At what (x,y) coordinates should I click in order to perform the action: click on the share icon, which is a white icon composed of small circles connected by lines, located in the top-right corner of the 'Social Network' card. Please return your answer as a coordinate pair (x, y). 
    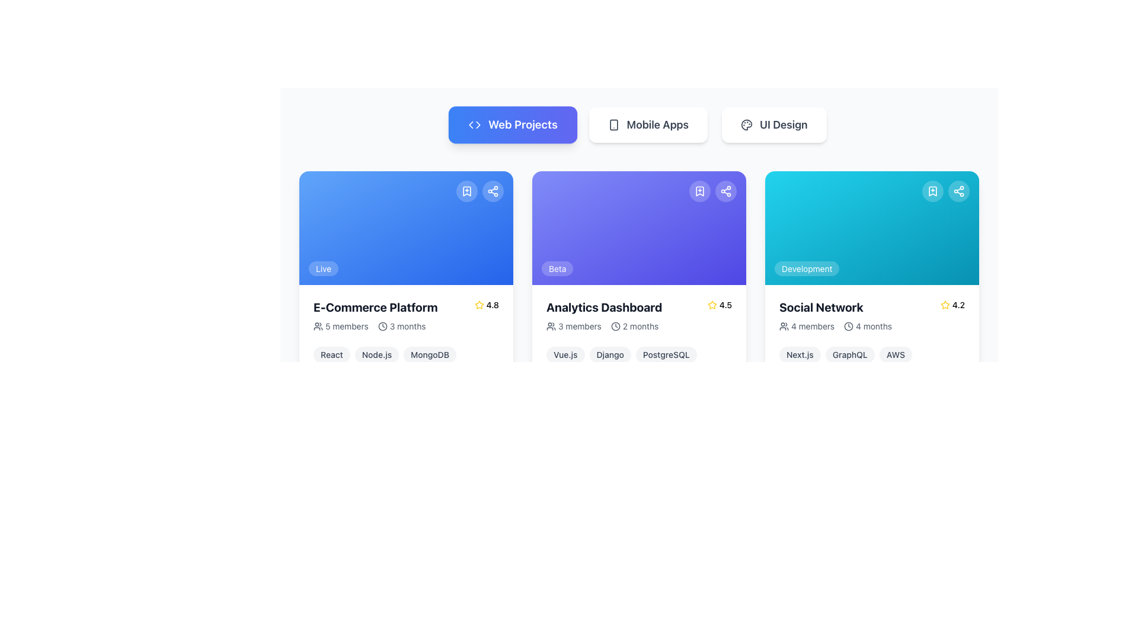
    Looking at the image, I should click on (958, 191).